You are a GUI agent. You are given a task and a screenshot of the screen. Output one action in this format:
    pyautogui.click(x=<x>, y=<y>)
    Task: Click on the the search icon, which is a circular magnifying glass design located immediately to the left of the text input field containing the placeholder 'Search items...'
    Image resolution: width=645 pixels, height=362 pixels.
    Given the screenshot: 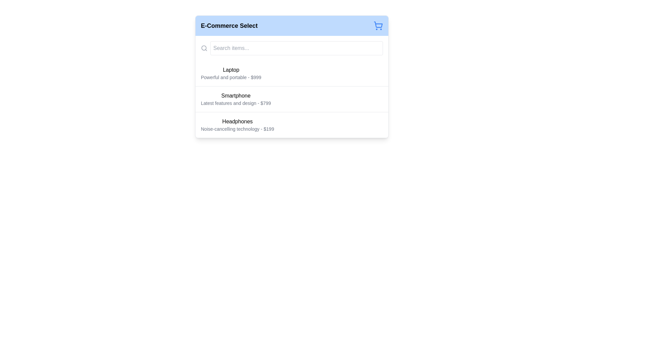 What is the action you would take?
    pyautogui.click(x=204, y=48)
    